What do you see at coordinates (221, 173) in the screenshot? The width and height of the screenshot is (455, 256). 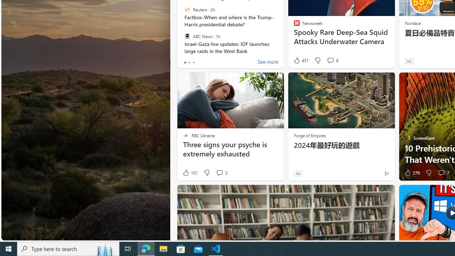 I see `'View comments 3 Comment'` at bounding box center [221, 173].